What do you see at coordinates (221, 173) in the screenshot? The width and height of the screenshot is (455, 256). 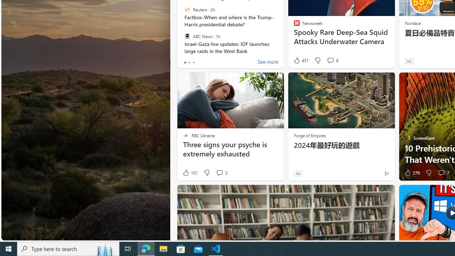 I see `'View comments 3 Comment'` at bounding box center [221, 173].